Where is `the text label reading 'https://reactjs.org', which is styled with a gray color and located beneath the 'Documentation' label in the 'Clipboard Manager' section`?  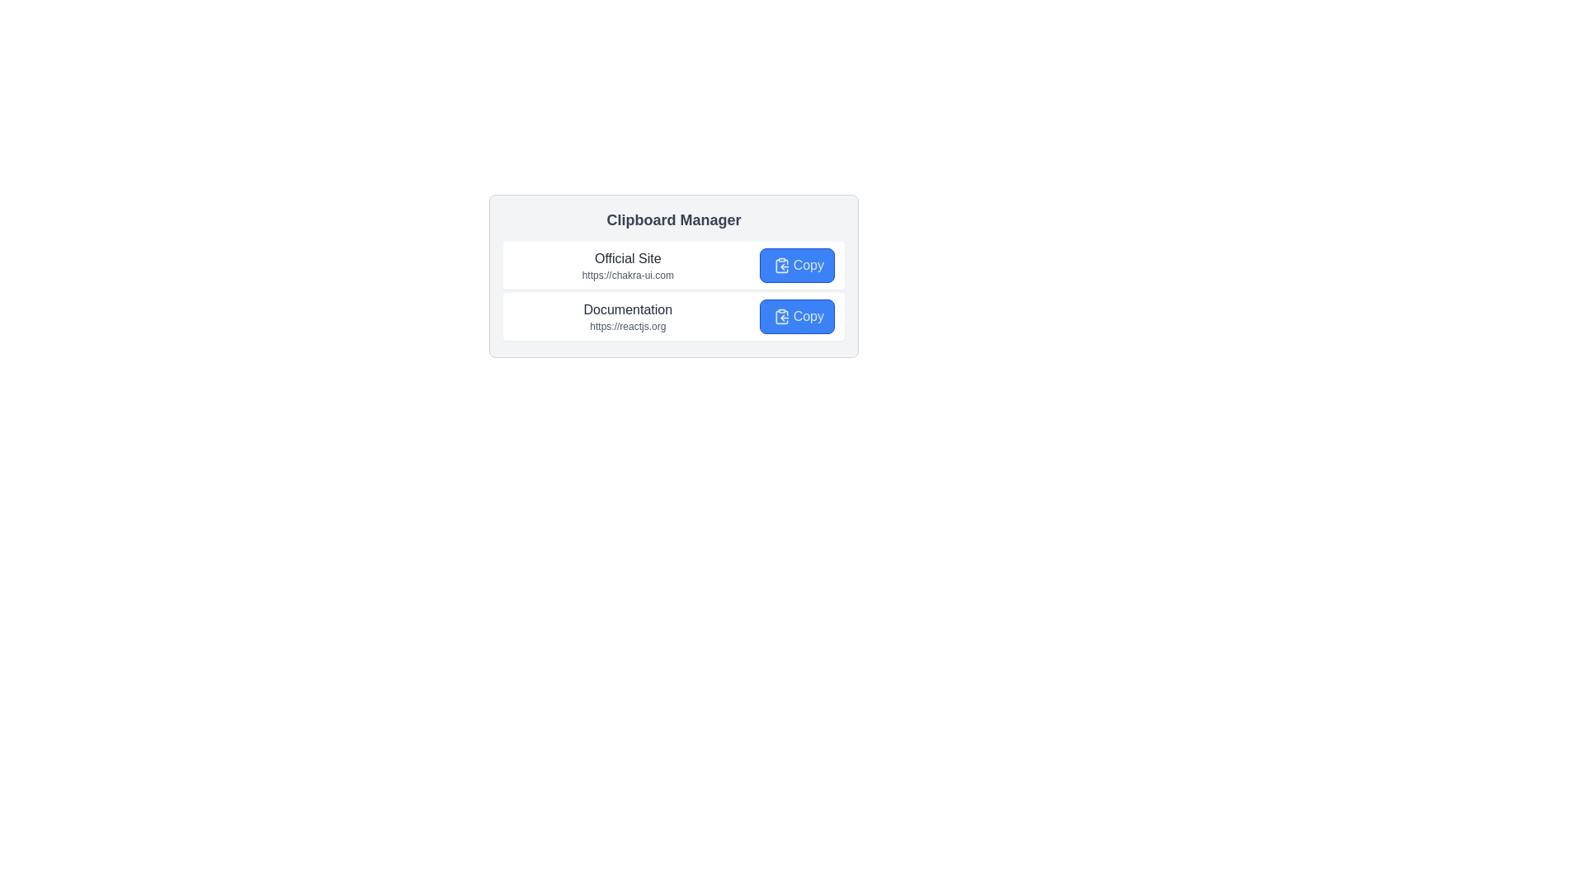 the text label reading 'https://reactjs.org', which is styled with a gray color and located beneath the 'Documentation' label in the 'Clipboard Manager' section is located at coordinates (627, 327).